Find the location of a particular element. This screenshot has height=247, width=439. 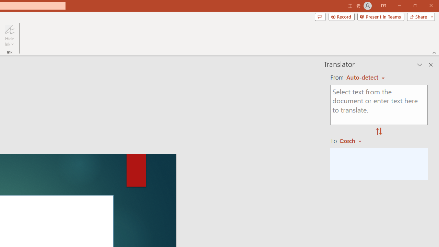

'Czech' is located at coordinates (354, 140).